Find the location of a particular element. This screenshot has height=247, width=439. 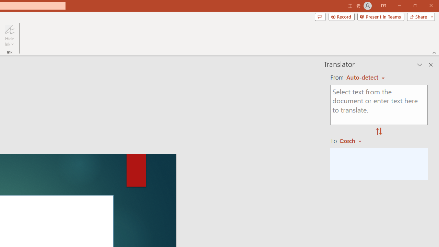

'Czech' is located at coordinates (354, 140).